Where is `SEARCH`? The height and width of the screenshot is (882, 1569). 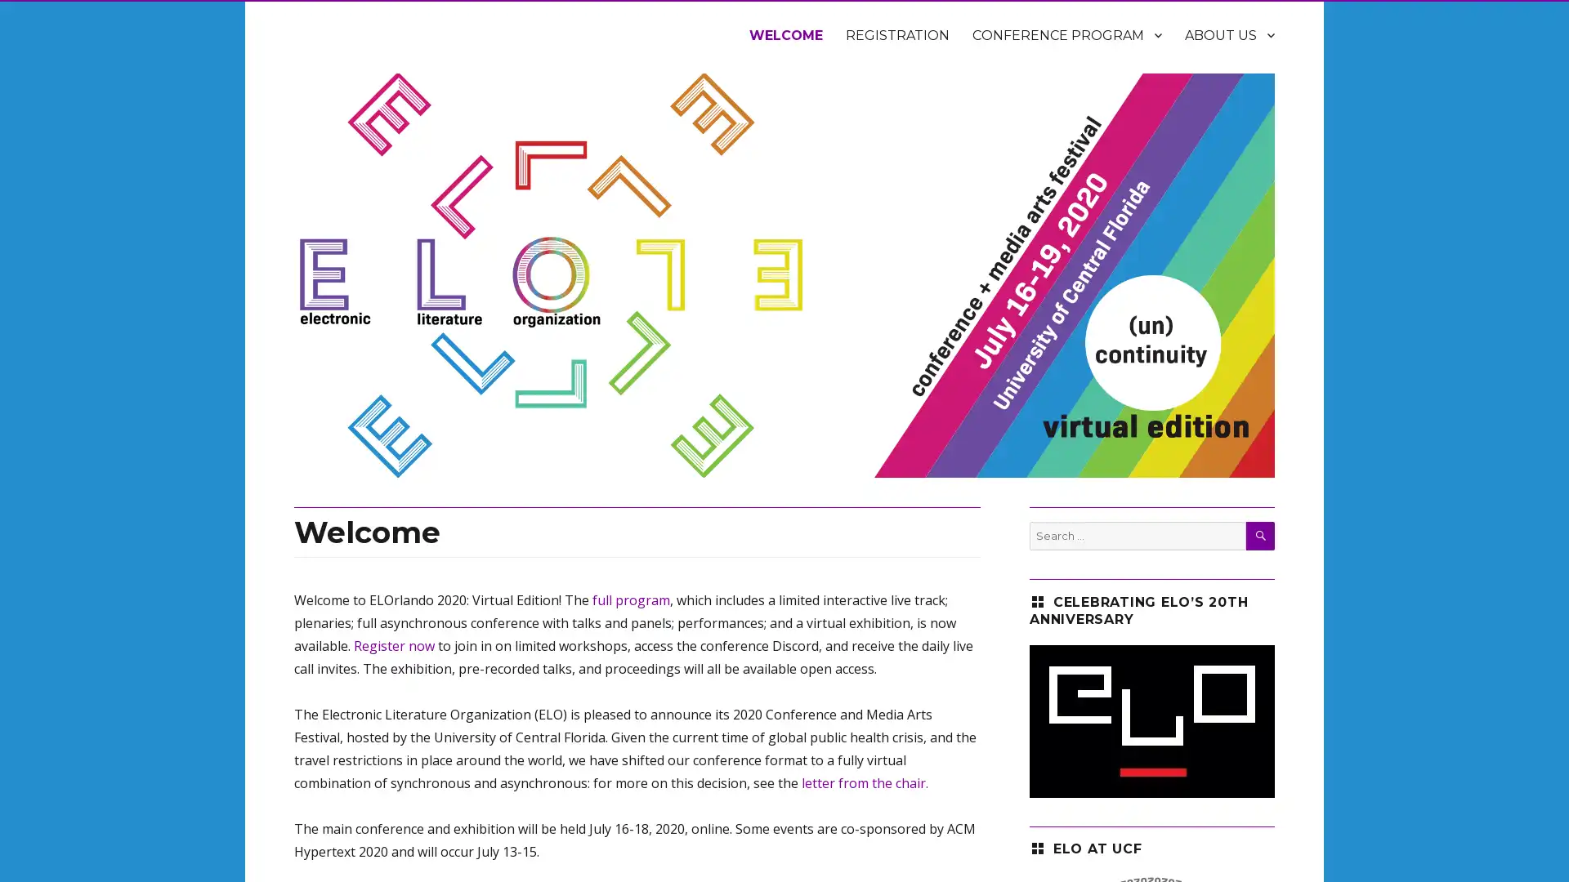 SEARCH is located at coordinates (1259, 535).